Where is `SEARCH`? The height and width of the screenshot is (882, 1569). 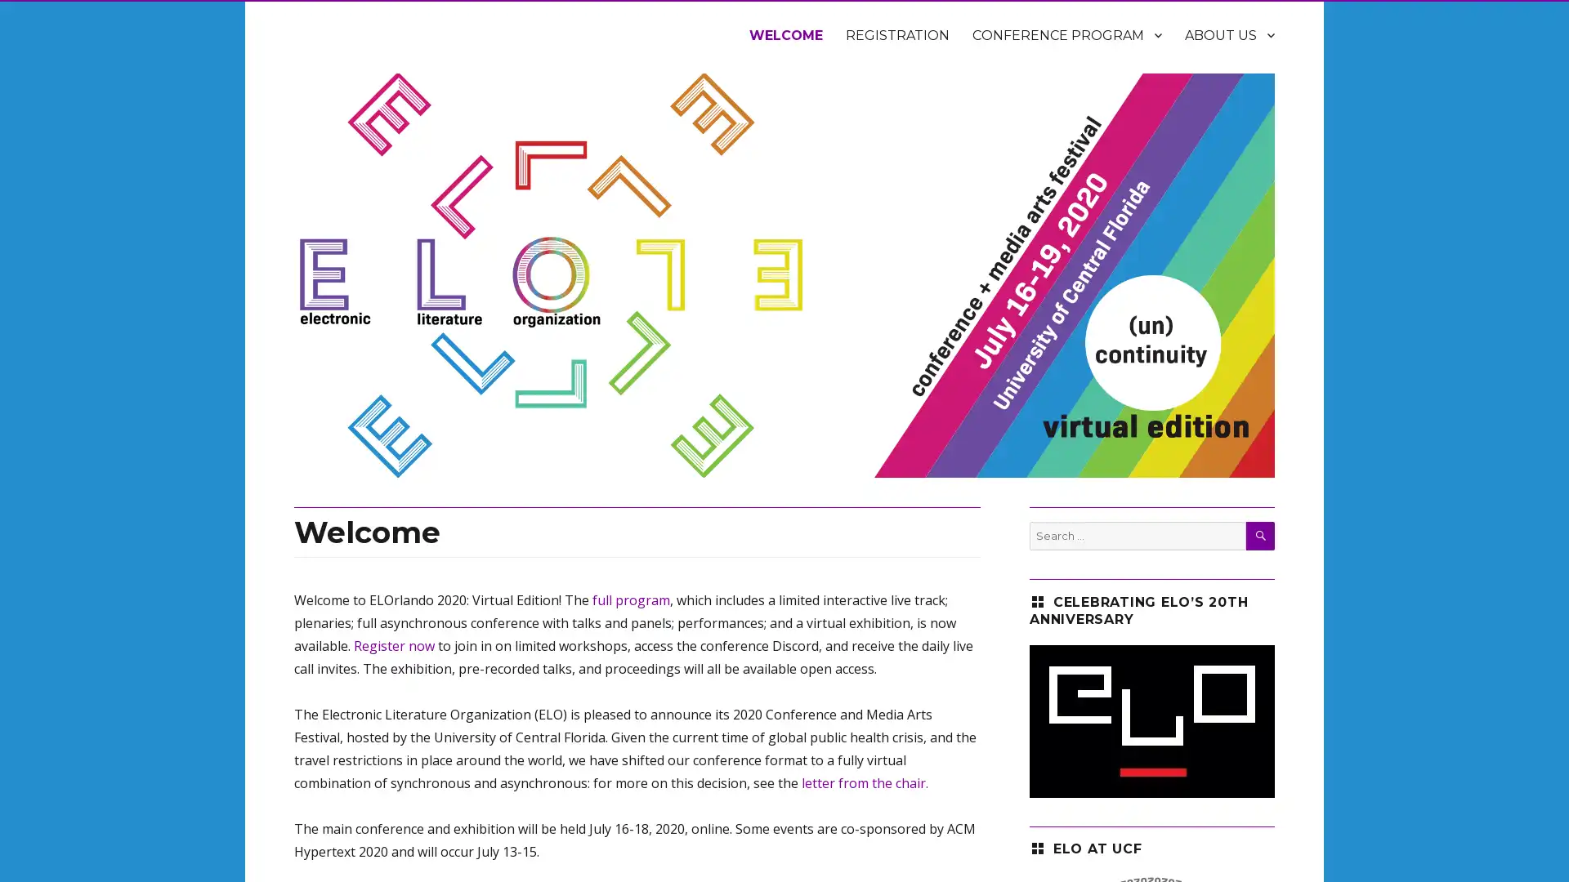 SEARCH is located at coordinates (1259, 535).